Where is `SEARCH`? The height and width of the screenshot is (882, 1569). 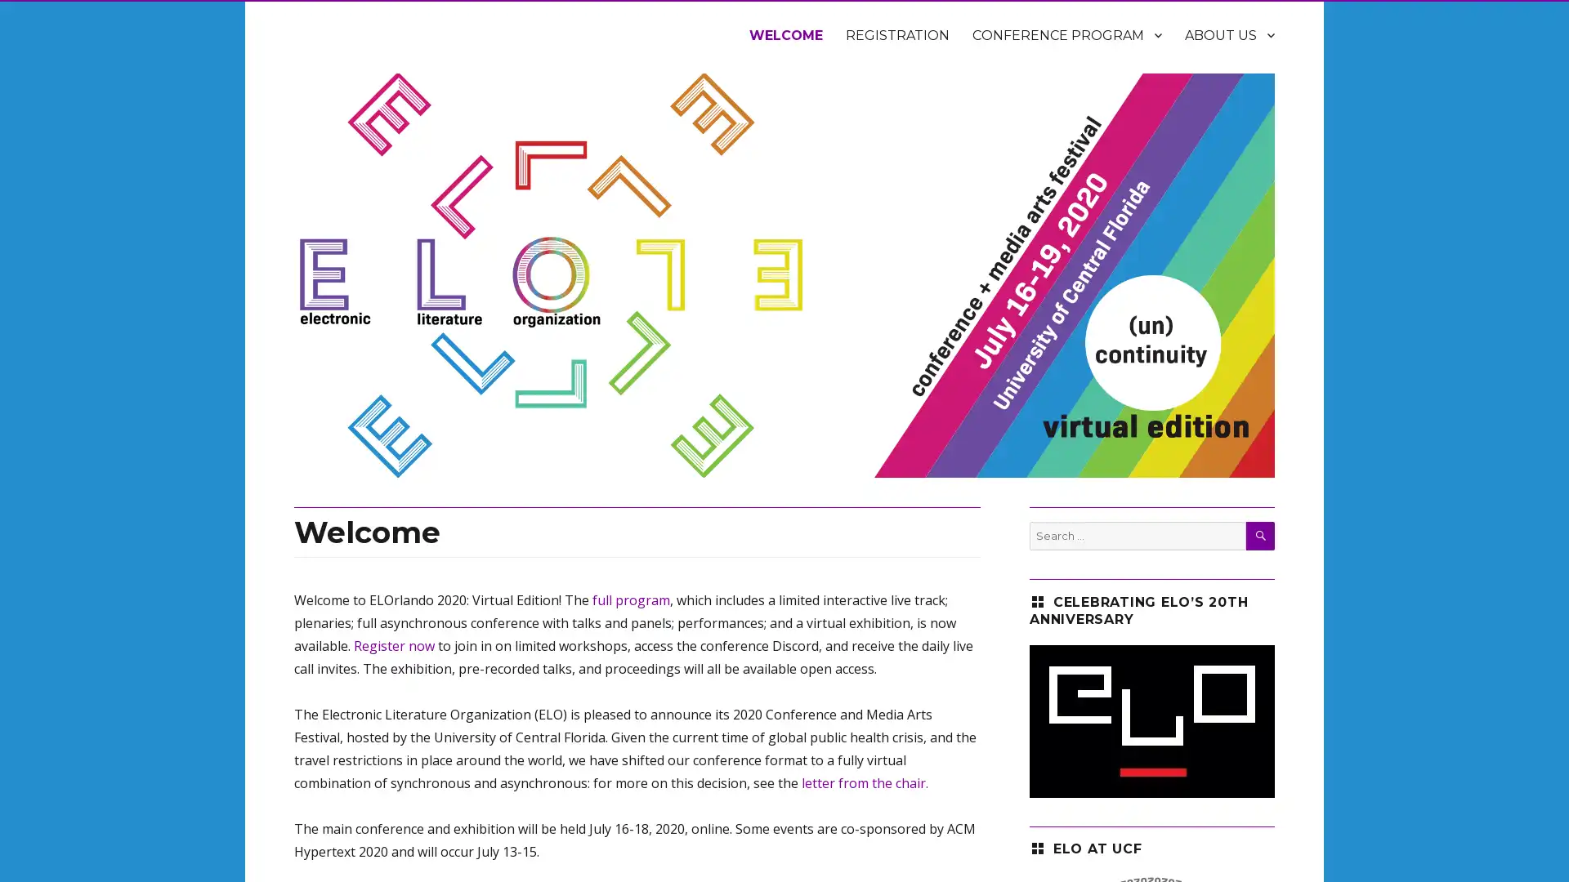 SEARCH is located at coordinates (1259, 535).